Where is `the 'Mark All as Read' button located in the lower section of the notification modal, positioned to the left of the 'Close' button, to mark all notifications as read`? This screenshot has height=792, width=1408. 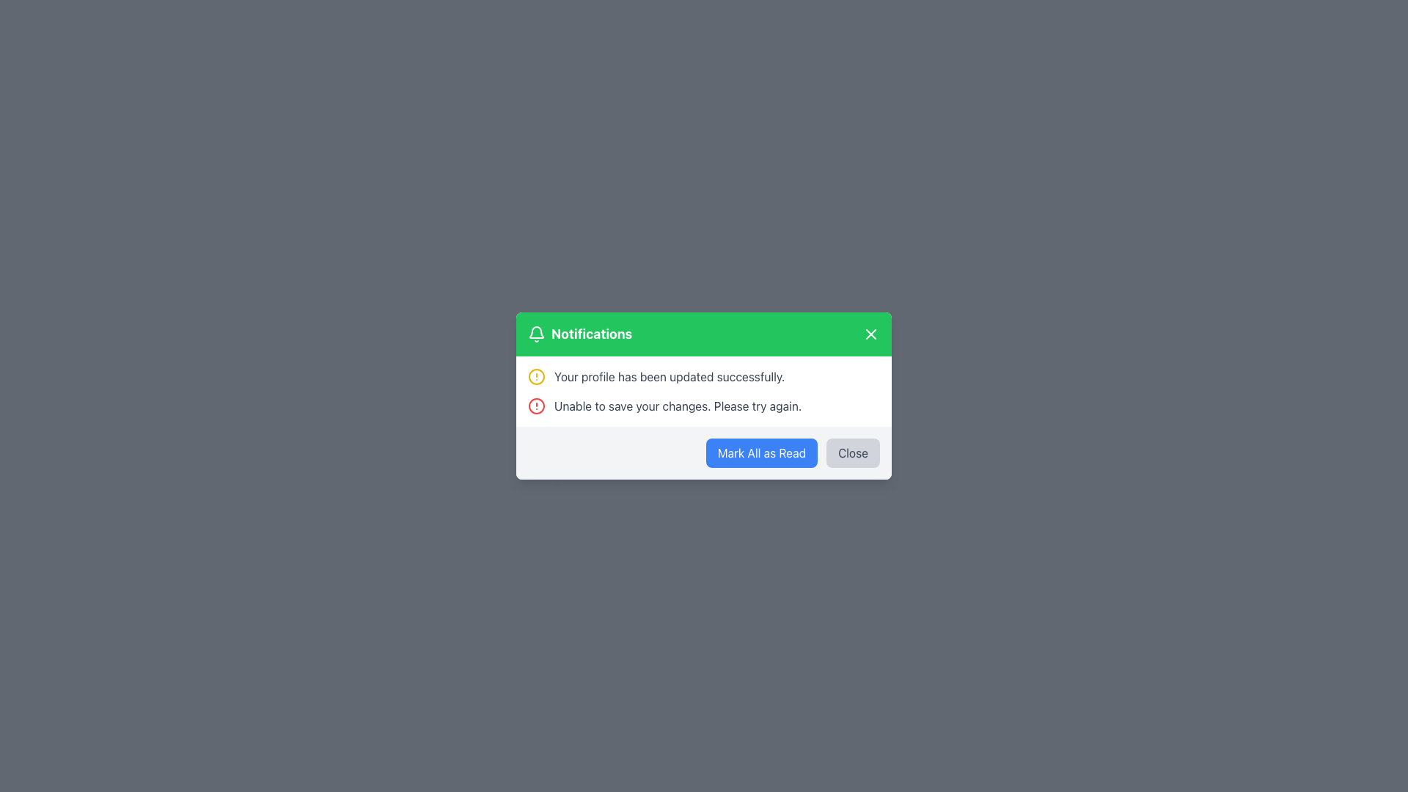 the 'Mark All as Read' button located in the lower section of the notification modal, positioned to the left of the 'Close' button, to mark all notifications as read is located at coordinates (761, 452).